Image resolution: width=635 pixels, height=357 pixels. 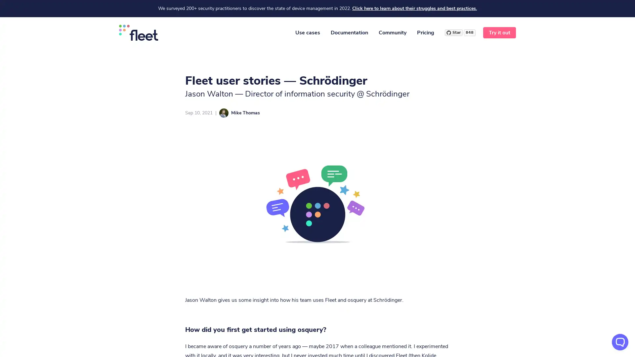 What do you see at coordinates (620, 342) in the screenshot?
I see `Open chat widget` at bounding box center [620, 342].